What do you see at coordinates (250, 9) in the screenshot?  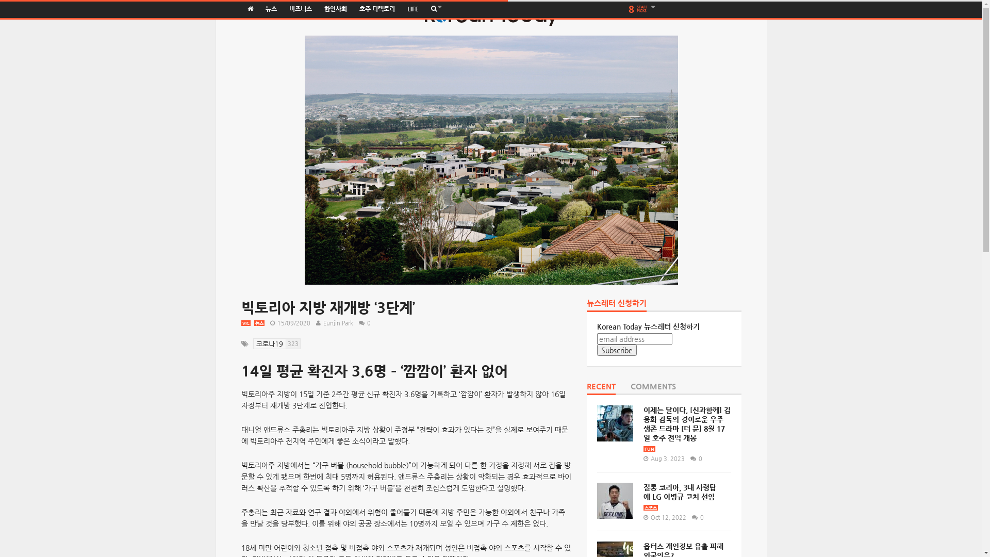 I see `'<i class="fa fa-home"></i>'` at bounding box center [250, 9].